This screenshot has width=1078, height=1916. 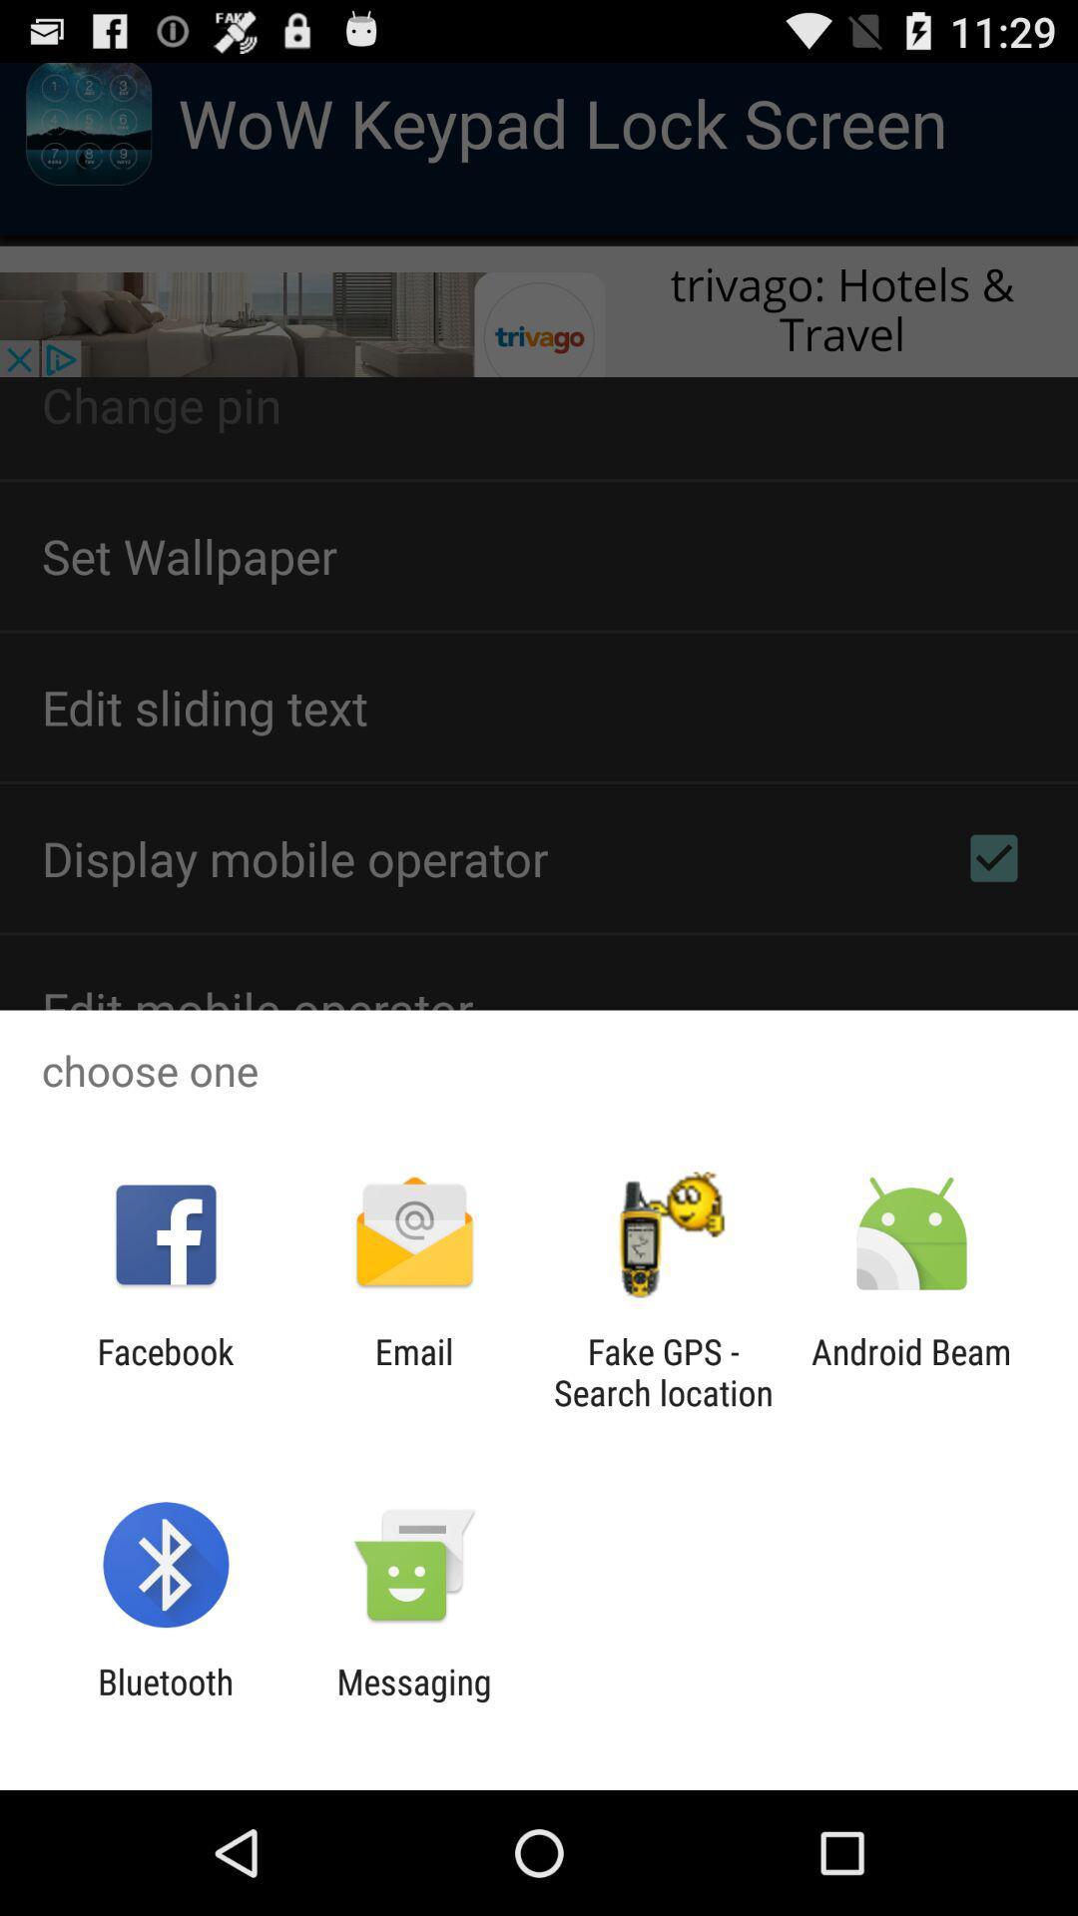 I want to click on facebook, so click(x=165, y=1371).